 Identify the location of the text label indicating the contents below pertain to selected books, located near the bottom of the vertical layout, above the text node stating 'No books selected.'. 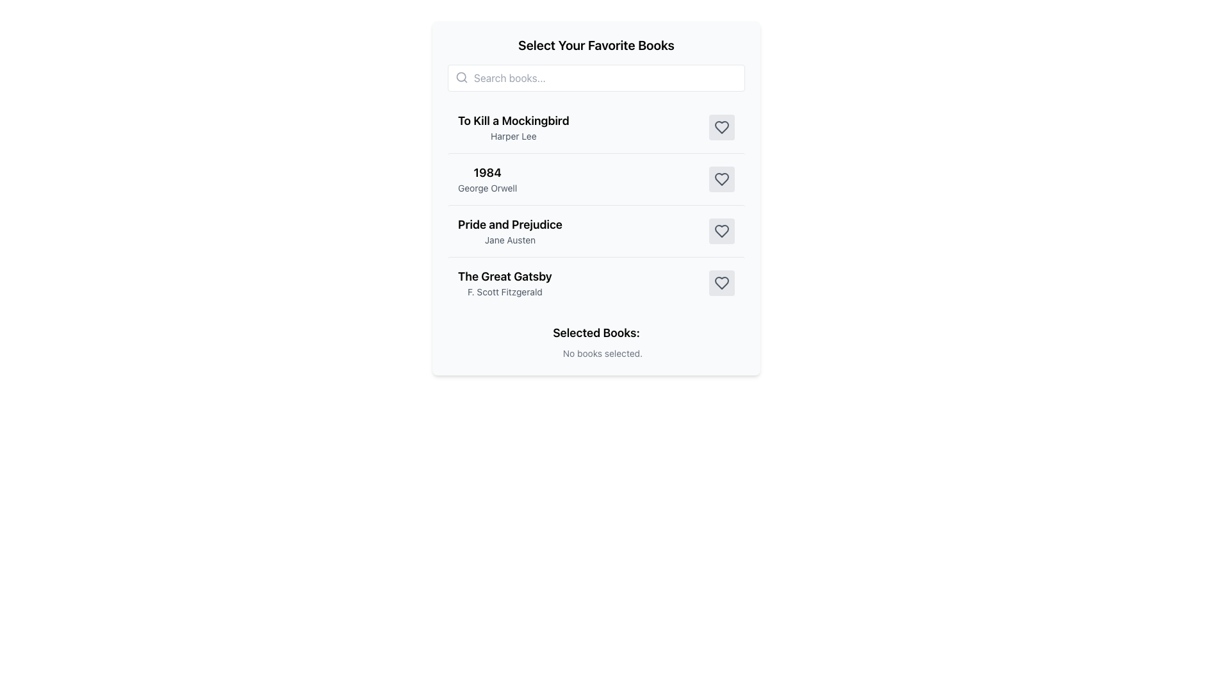
(596, 333).